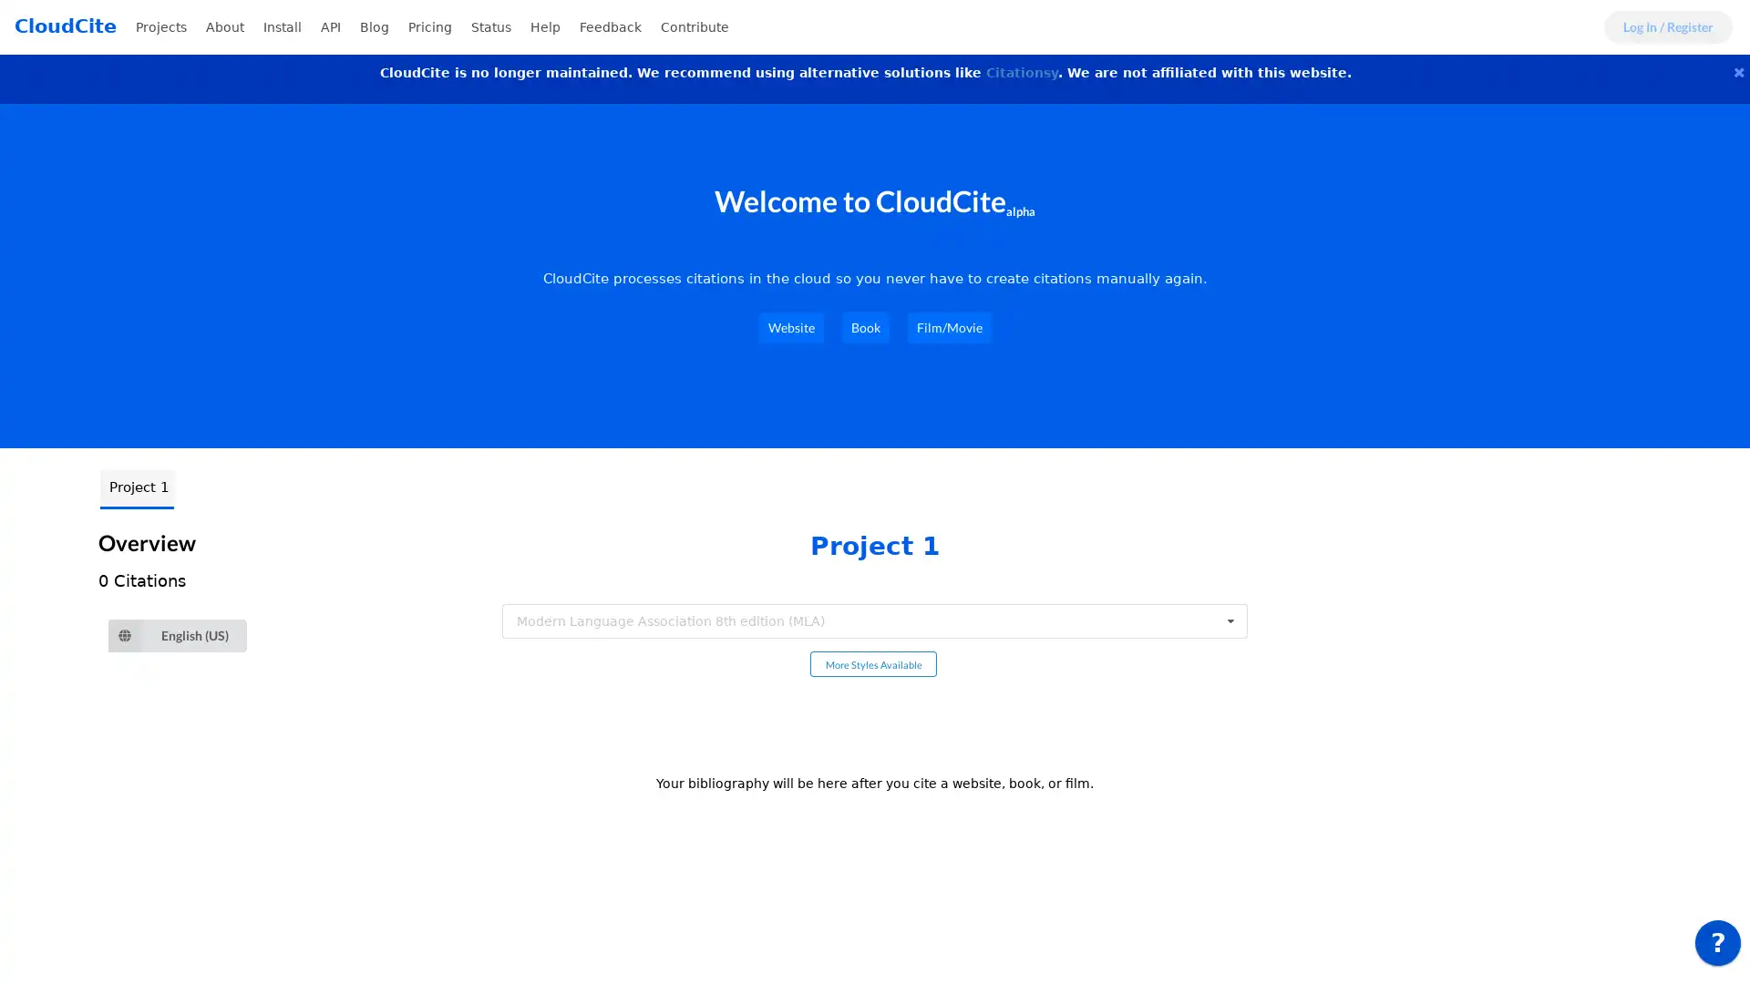 Image resolution: width=1750 pixels, height=984 pixels. Describe the element at coordinates (790, 326) in the screenshot. I see `Website` at that location.